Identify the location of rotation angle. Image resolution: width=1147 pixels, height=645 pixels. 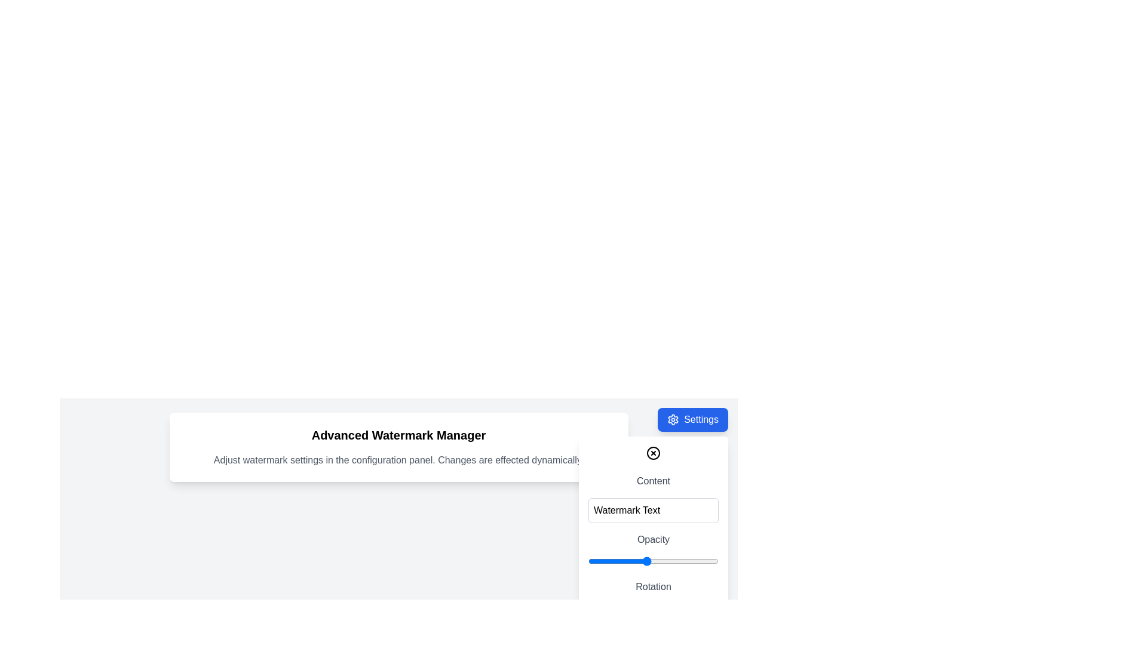
(617, 608).